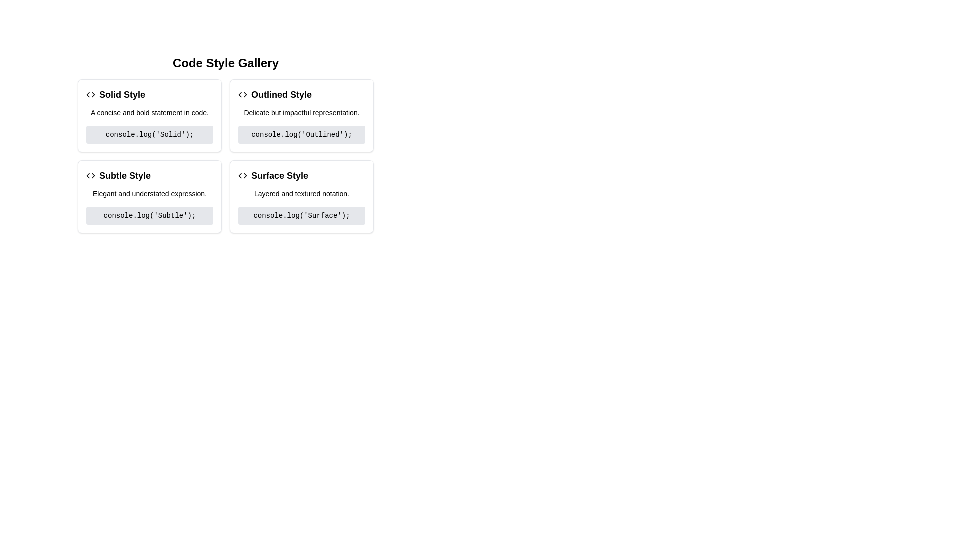 The width and height of the screenshot is (959, 539). What do you see at coordinates (281, 94) in the screenshot?
I see `text label displaying 'Outlined Style' in bold font within the second card of the 'Code Style Gallery' section` at bounding box center [281, 94].